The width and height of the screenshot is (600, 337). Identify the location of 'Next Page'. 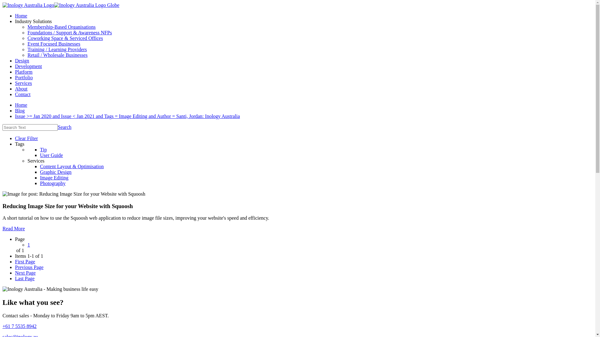
(15, 272).